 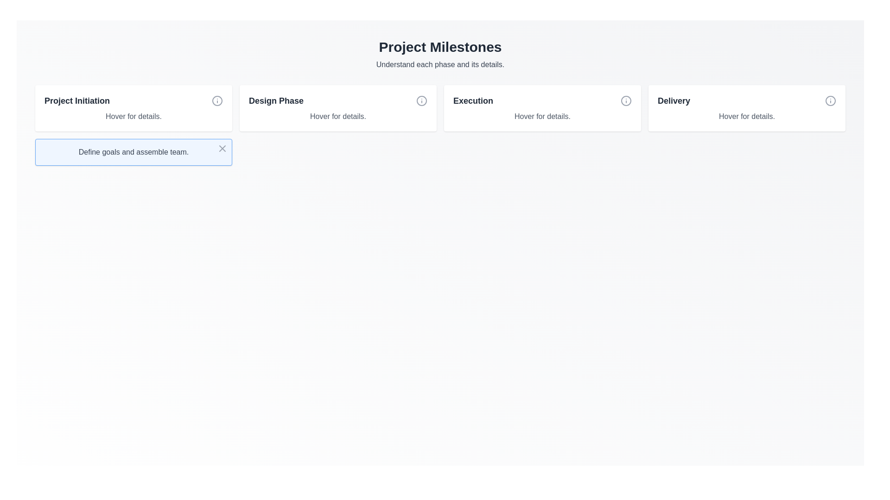 I want to click on the informational Text label located at the bottom of the 'Project Initiation' card, which prompts users, so click(x=133, y=116).